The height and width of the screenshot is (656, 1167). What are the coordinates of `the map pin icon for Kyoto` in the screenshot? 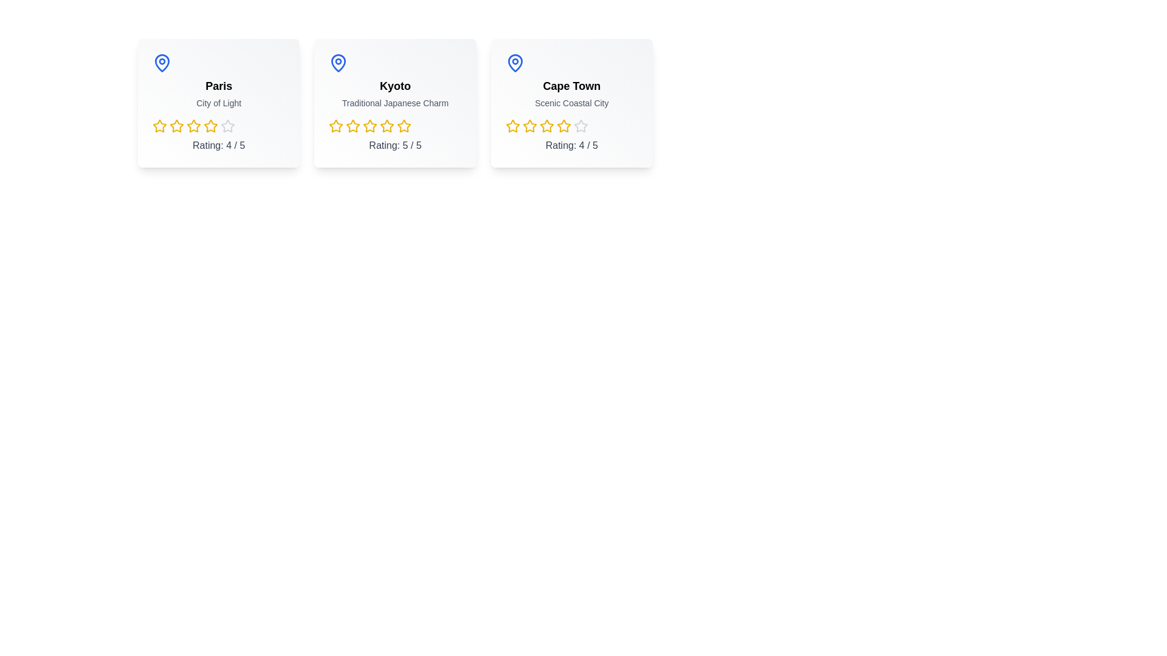 It's located at (338, 63).